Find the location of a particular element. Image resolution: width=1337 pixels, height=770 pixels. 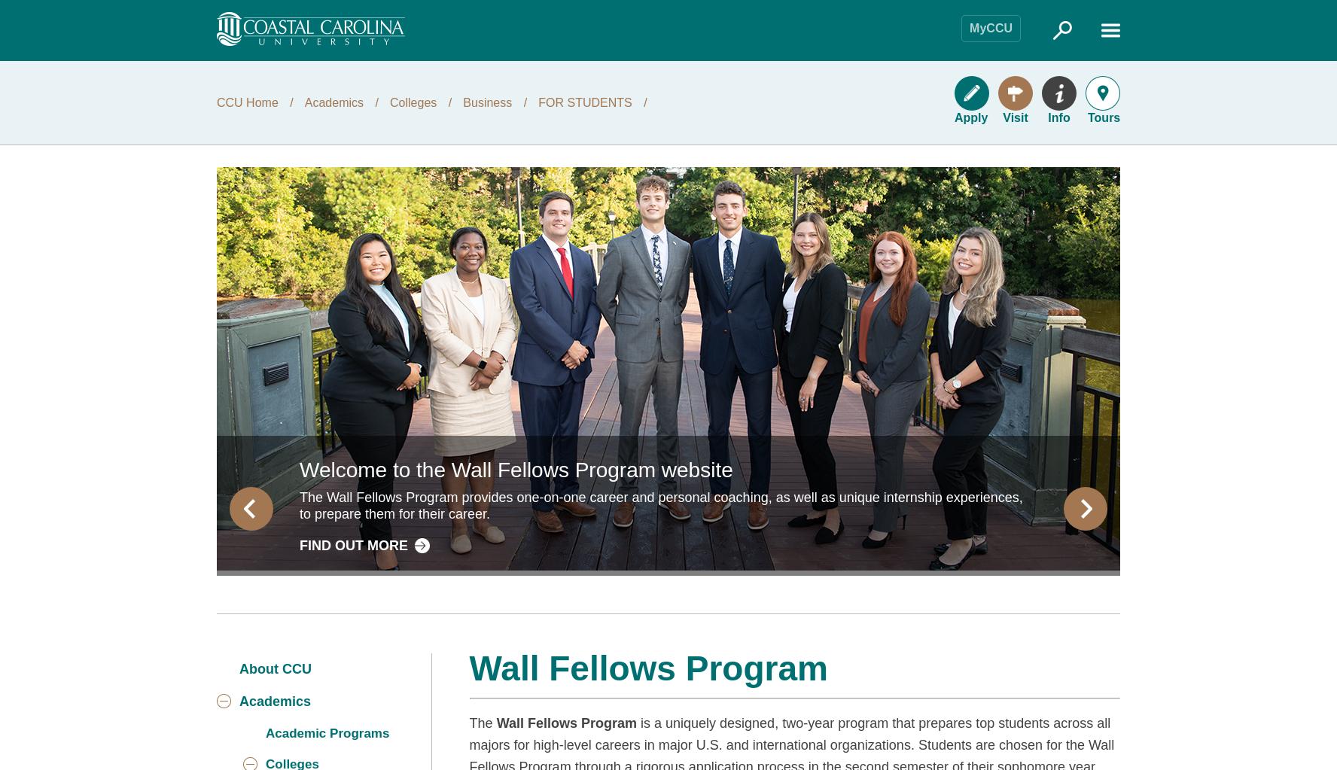

'About CCU' is located at coordinates (274, 668).